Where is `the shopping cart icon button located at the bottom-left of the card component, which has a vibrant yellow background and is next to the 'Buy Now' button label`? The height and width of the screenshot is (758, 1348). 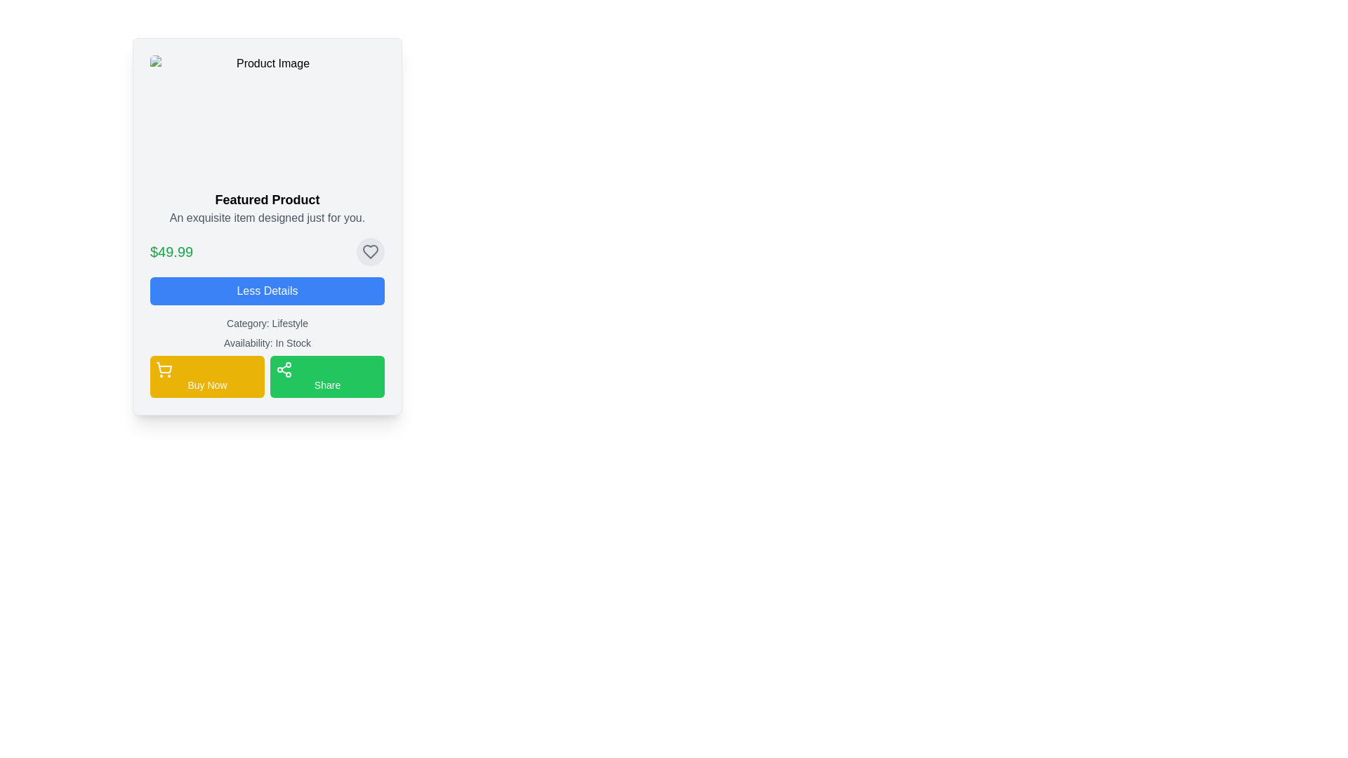
the shopping cart icon button located at the bottom-left of the card component, which has a vibrant yellow background and is next to the 'Buy Now' button label is located at coordinates (164, 369).